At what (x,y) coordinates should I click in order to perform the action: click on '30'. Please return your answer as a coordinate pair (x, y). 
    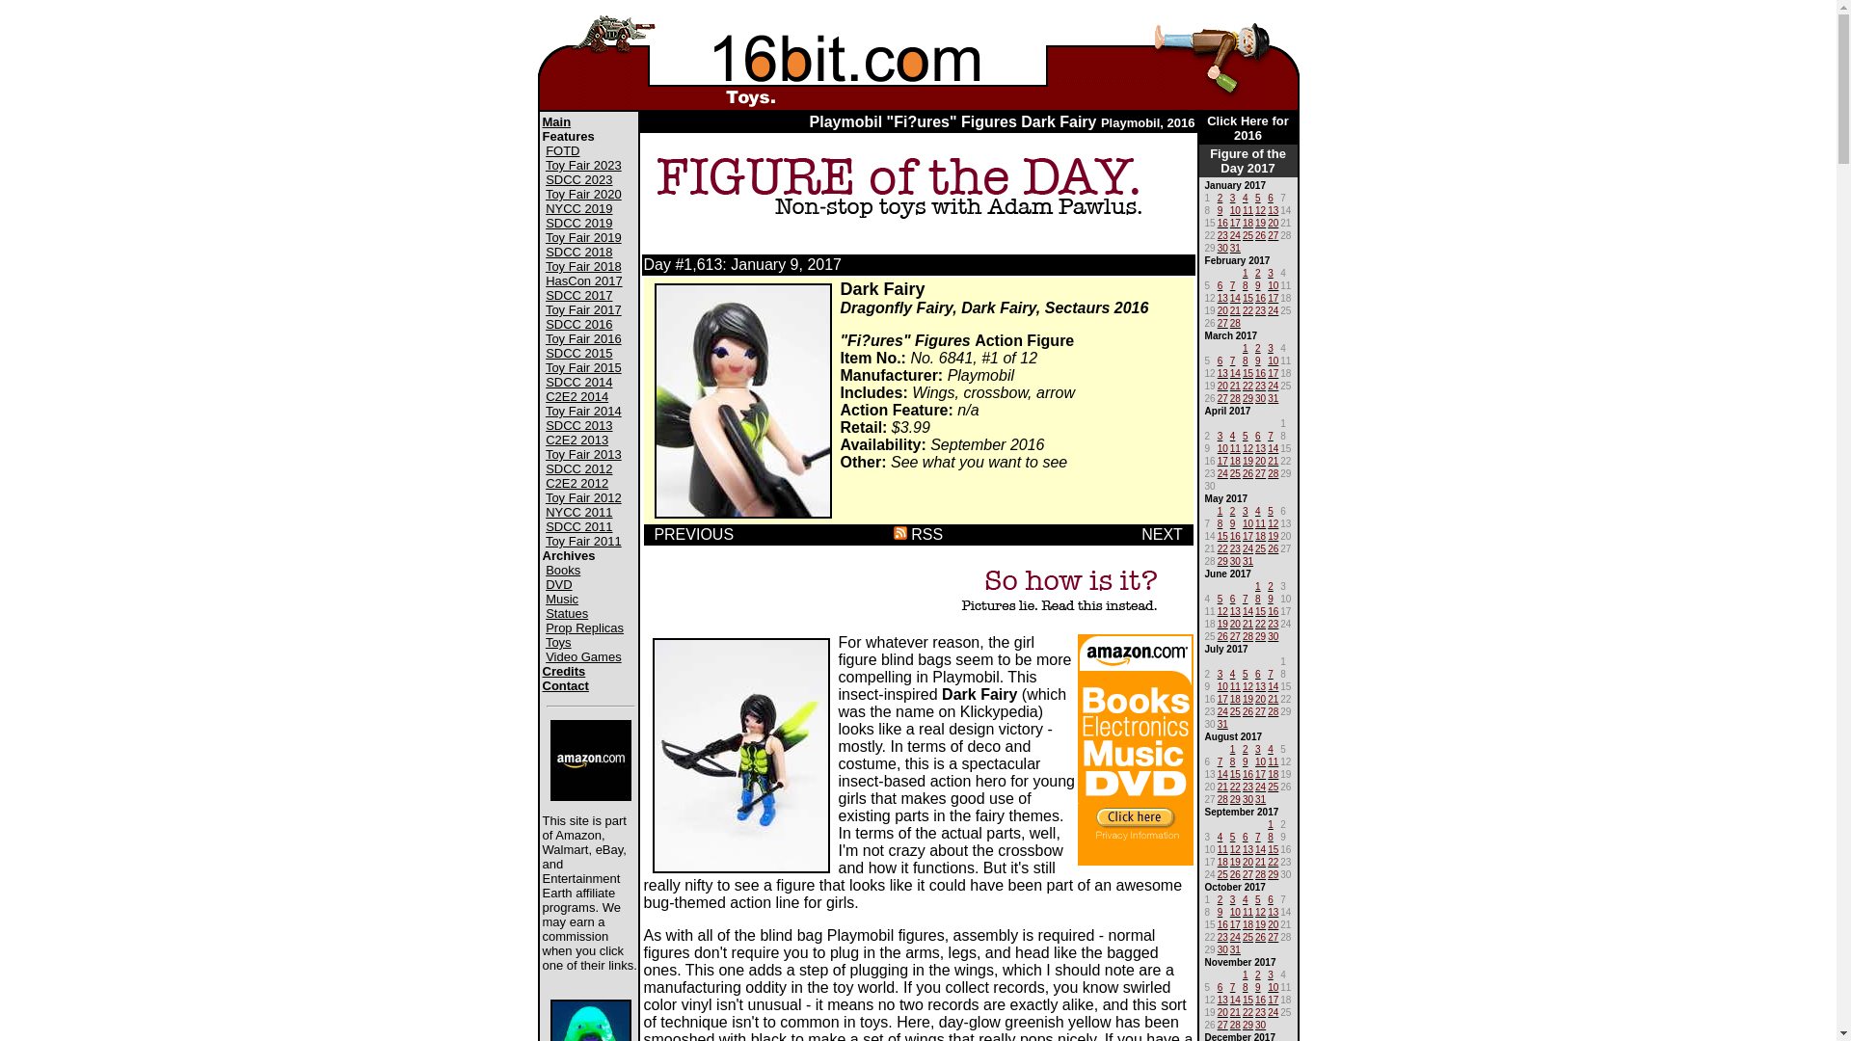
    Looking at the image, I should click on (1216, 947).